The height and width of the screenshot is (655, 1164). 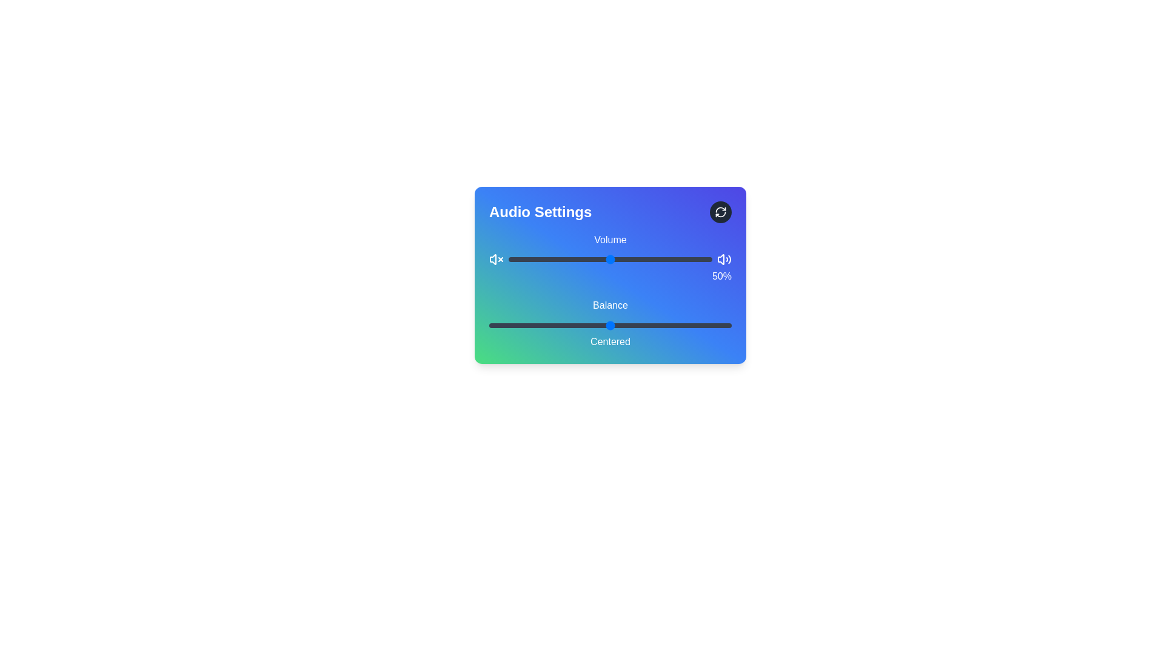 I want to click on the balance, so click(x=634, y=324).